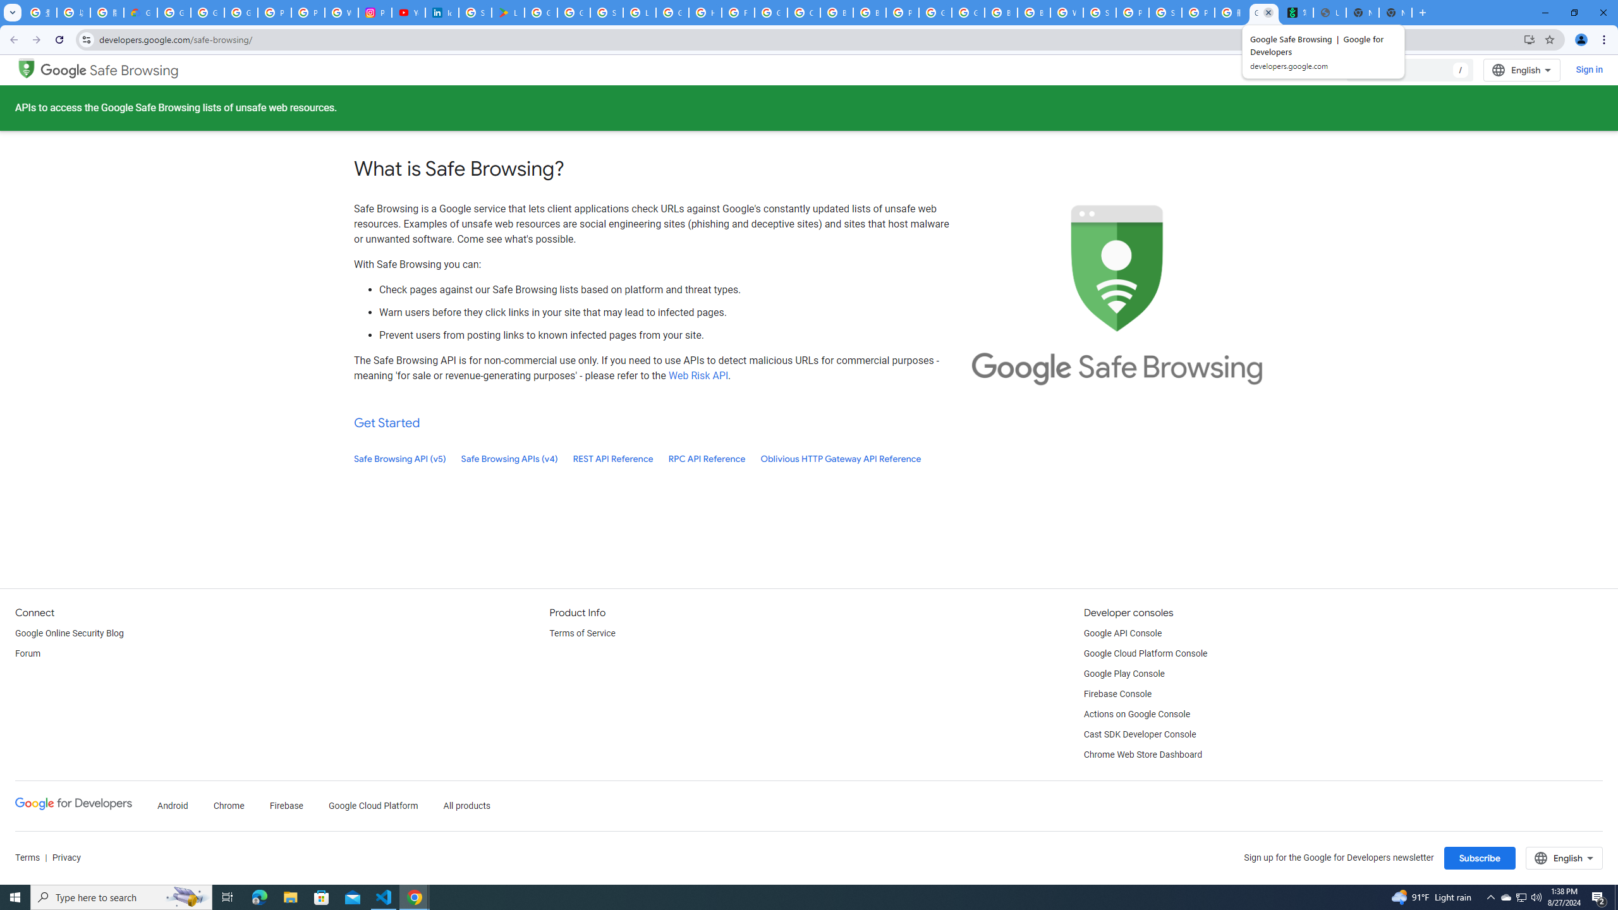 Image resolution: width=1618 pixels, height=910 pixels. Describe the element at coordinates (73, 803) in the screenshot. I see `'Google Developers'` at that location.